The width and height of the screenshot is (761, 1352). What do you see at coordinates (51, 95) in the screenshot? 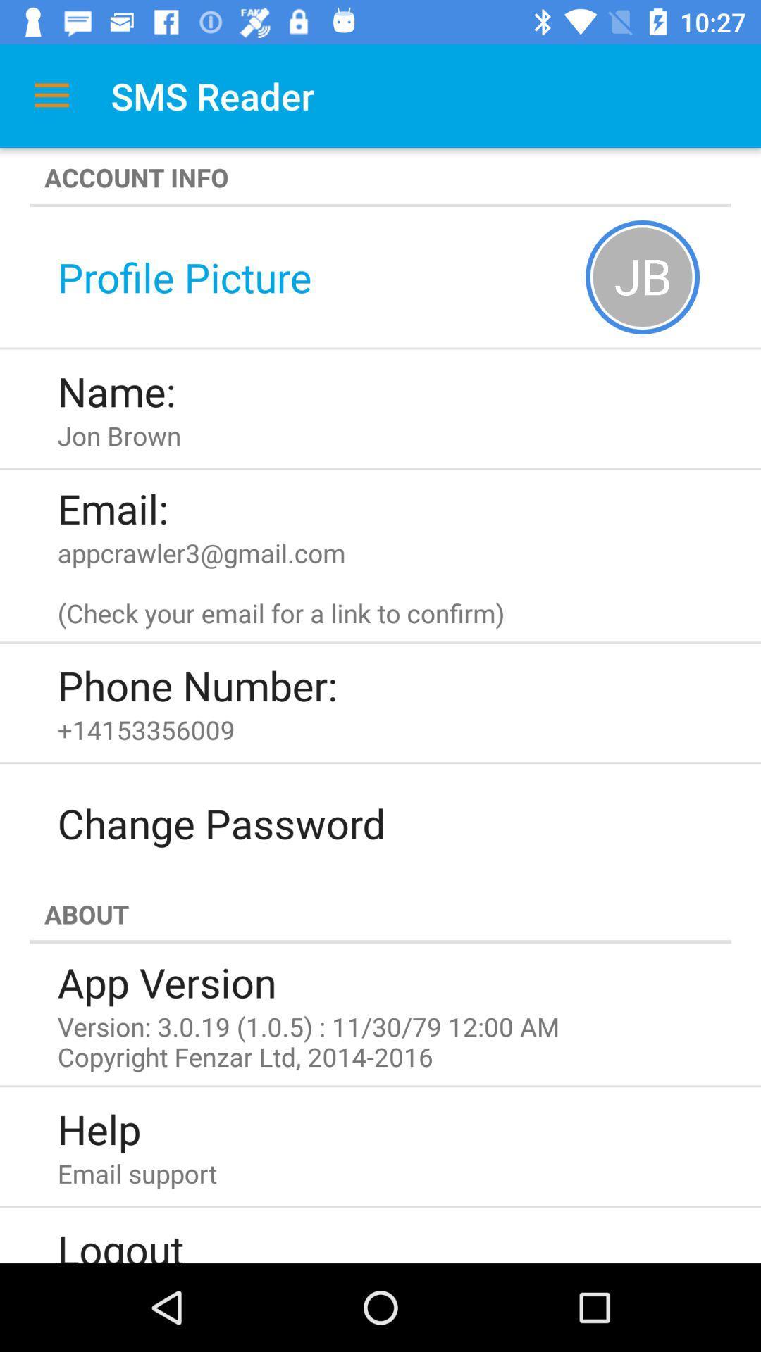
I see `app next to the sms reader item` at bounding box center [51, 95].